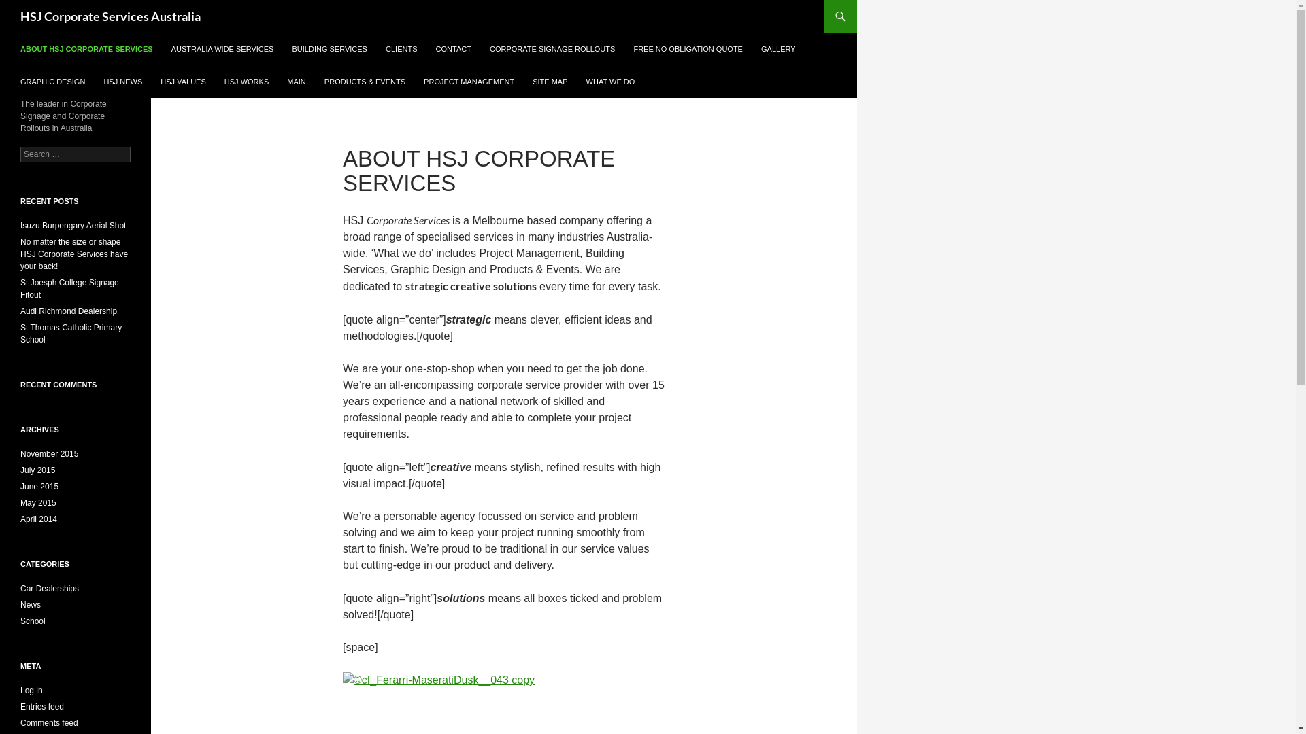 The height and width of the screenshot is (734, 1306). I want to click on 'PRODUCTS & EVENTS', so click(365, 81).